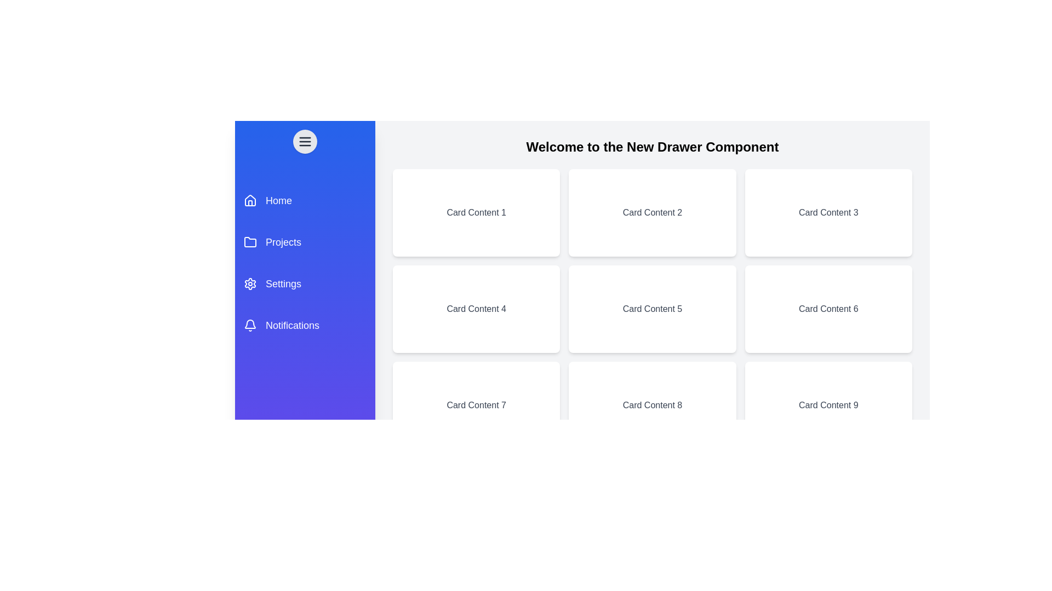  Describe the element at coordinates (305, 242) in the screenshot. I see `the menu item Projects in the drawer` at that location.